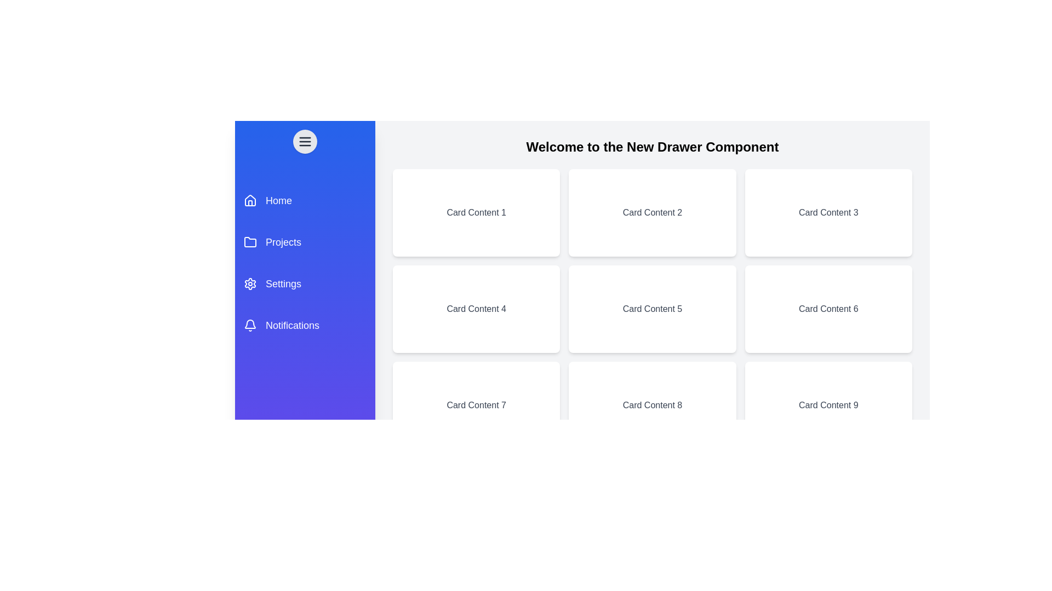  Describe the element at coordinates (305, 242) in the screenshot. I see `the menu item Projects in the drawer` at that location.